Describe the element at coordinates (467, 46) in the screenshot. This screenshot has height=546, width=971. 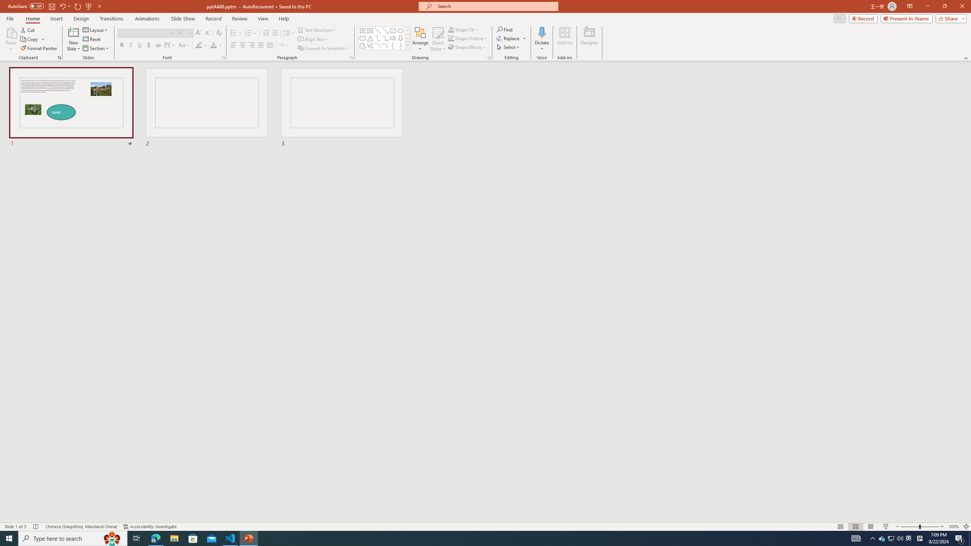
I see `'Shape Effects'` at that location.